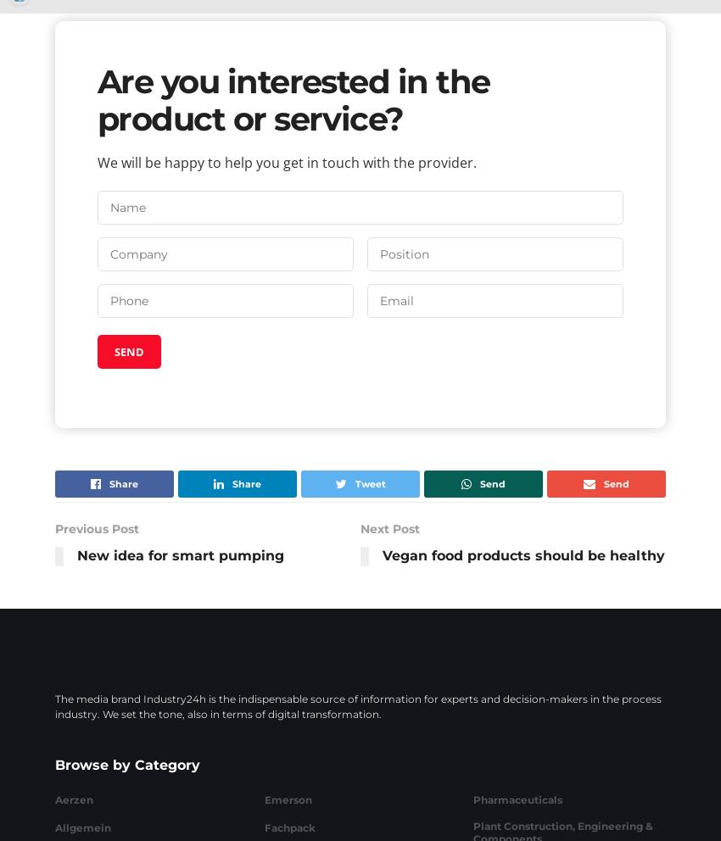 The width and height of the screenshot is (721, 841). I want to click on 'New idea for smart pumping', so click(180, 555).